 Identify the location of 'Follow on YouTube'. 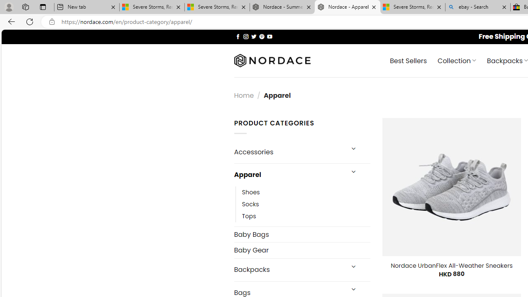
(269, 36).